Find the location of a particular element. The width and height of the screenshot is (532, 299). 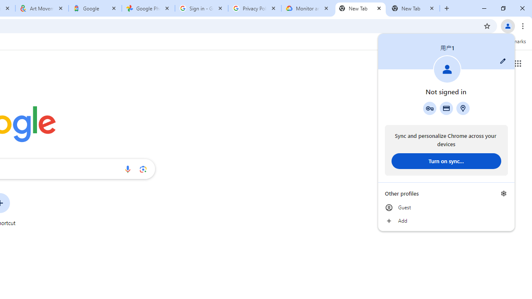

'Google' is located at coordinates (95, 8).